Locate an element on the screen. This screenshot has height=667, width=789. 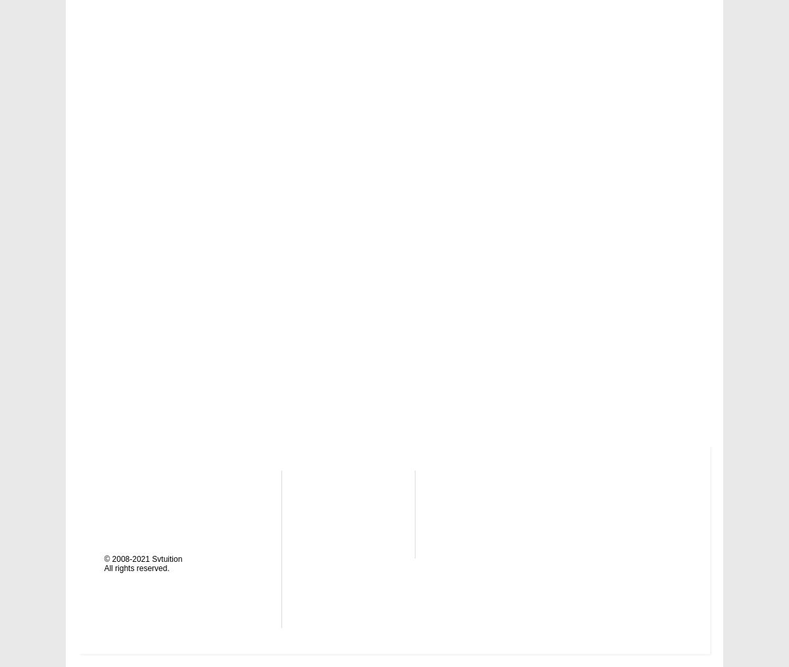
'Facebook' is located at coordinates (463, 536).